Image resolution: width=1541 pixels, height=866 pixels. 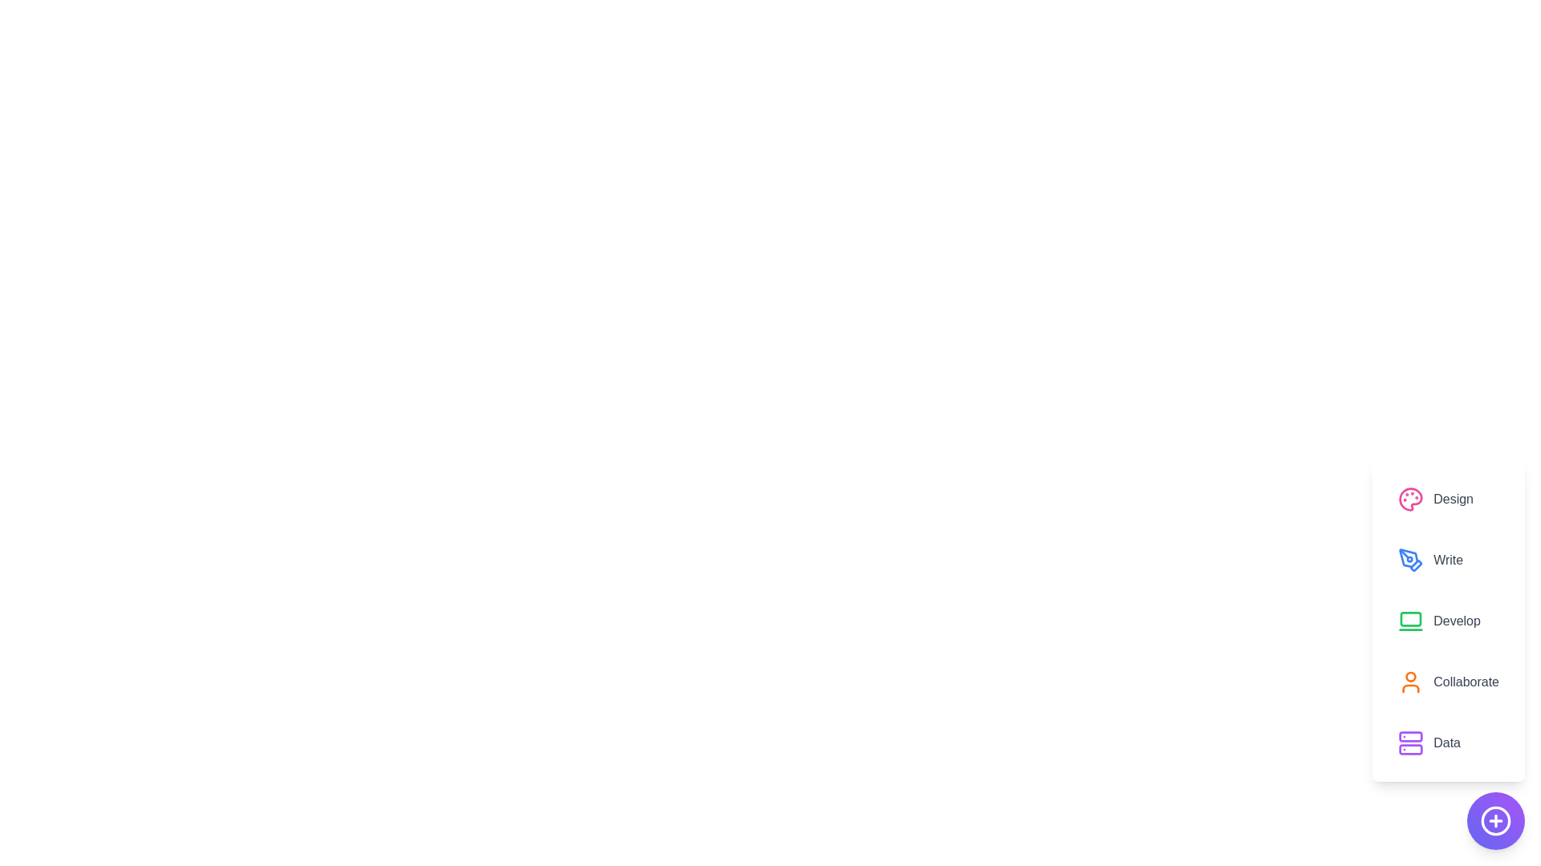 What do you see at coordinates (1448, 621) in the screenshot?
I see `the option labeled Develop to preview its effect` at bounding box center [1448, 621].